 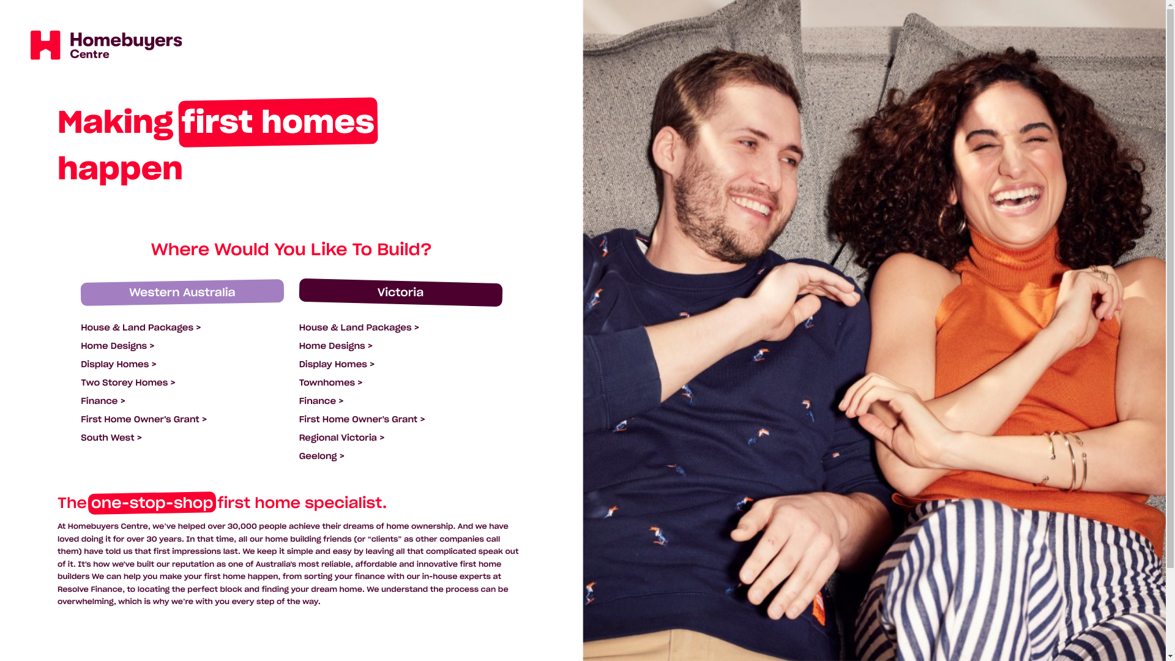 I want to click on 'House & Land Packages >', so click(x=299, y=327).